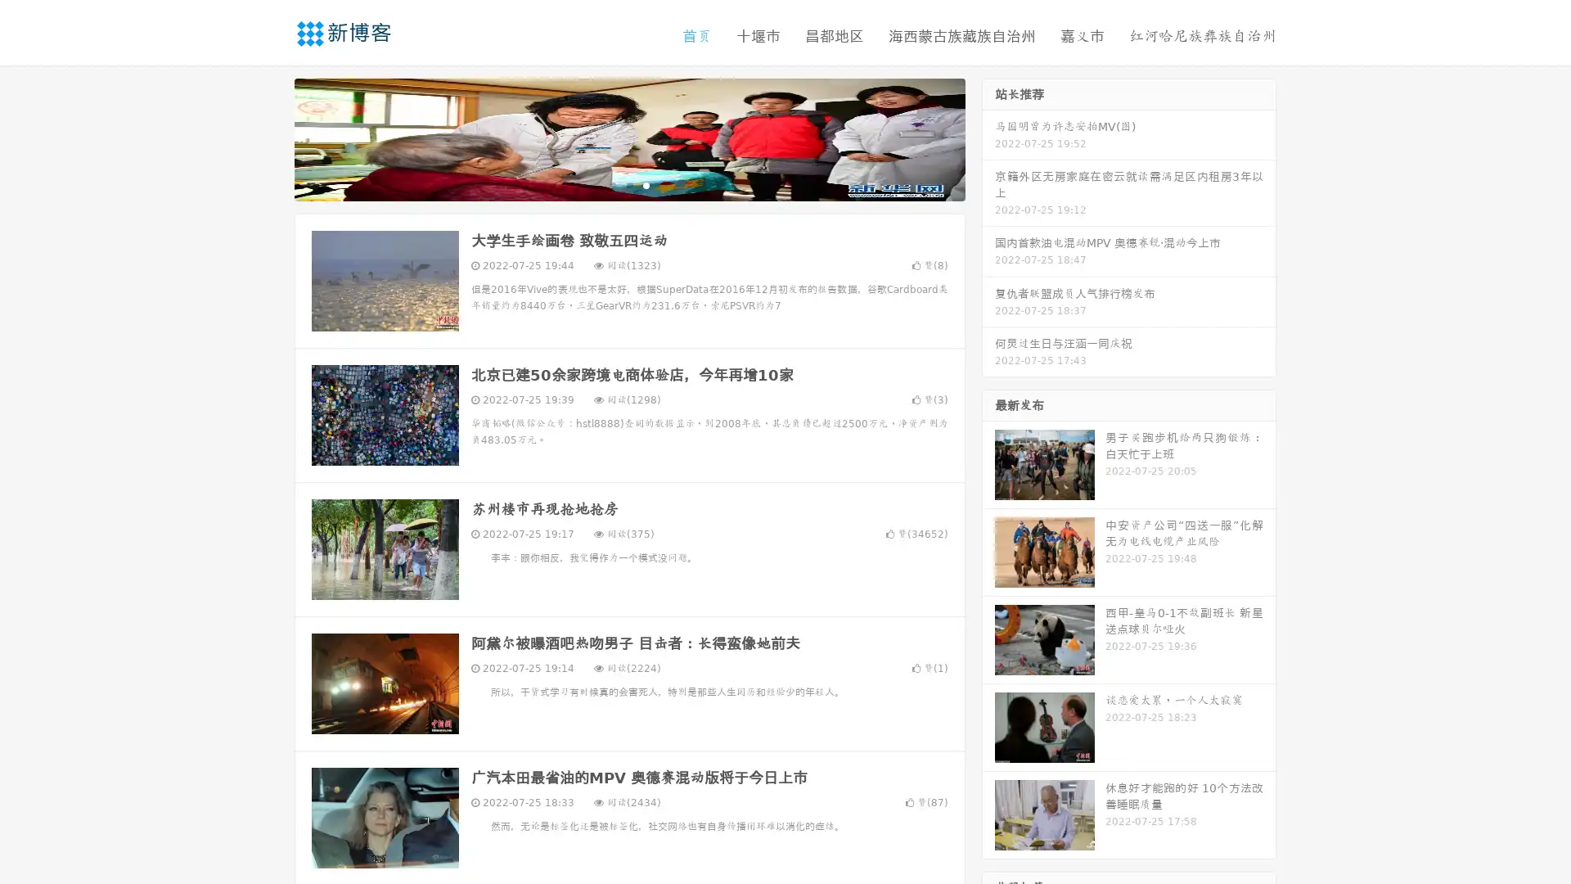 This screenshot has width=1571, height=884. What do you see at coordinates (628, 184) in the screenshot?
I see `Go to slide 2` at bounding box center [628, 184].